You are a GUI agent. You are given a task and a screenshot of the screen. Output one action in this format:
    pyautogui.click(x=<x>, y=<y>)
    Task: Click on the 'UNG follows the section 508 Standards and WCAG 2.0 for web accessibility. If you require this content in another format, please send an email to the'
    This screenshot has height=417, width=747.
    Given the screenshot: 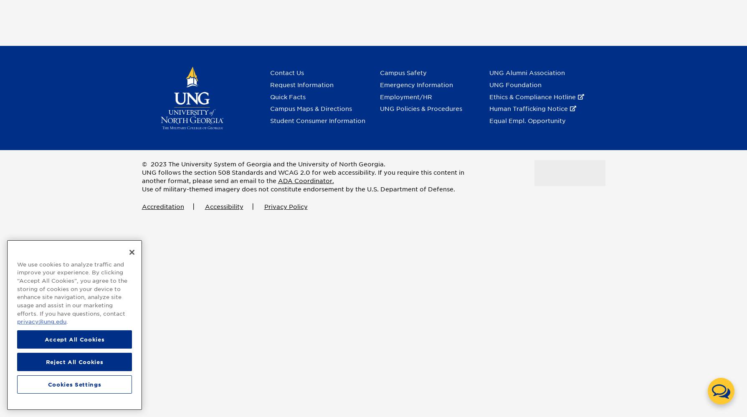 What is the action you would take?
    pyautogui.click(x=303, y=177)
    